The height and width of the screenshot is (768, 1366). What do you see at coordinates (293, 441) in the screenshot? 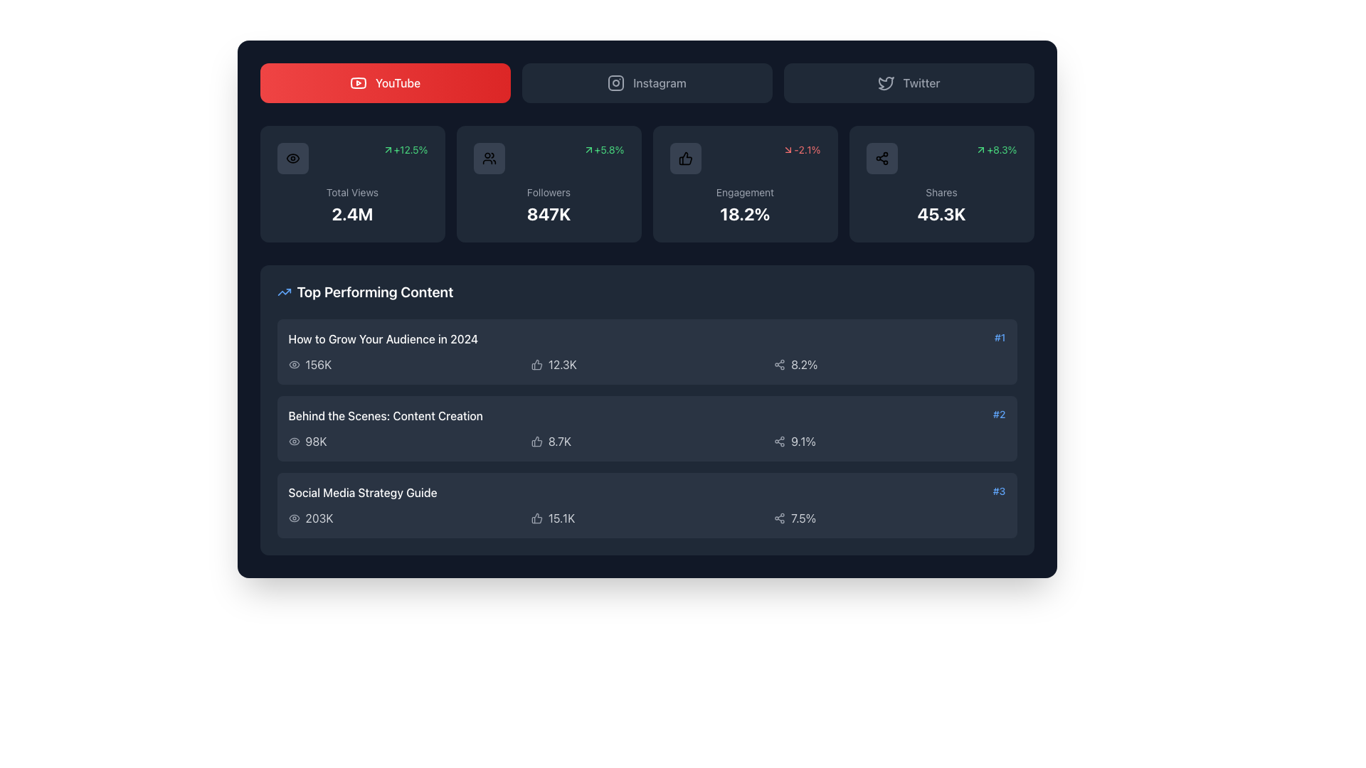
I see `the small eye-shaped icon representing views in the 'Top Performing Content' section, located to the left of the text '98K'` at bounding box center [293, 441].